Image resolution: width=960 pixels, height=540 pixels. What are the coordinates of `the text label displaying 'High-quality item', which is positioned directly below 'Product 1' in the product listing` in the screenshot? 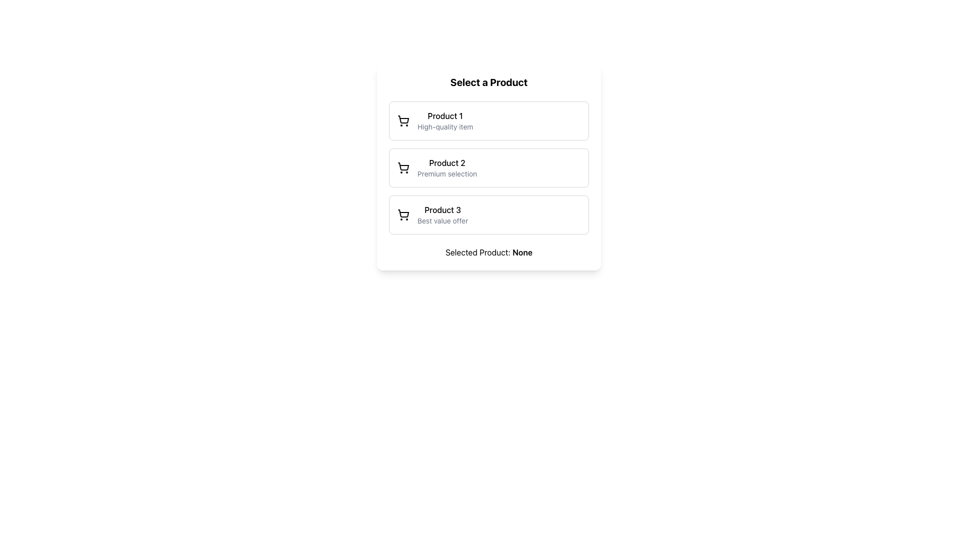 It's located at (444, 126).